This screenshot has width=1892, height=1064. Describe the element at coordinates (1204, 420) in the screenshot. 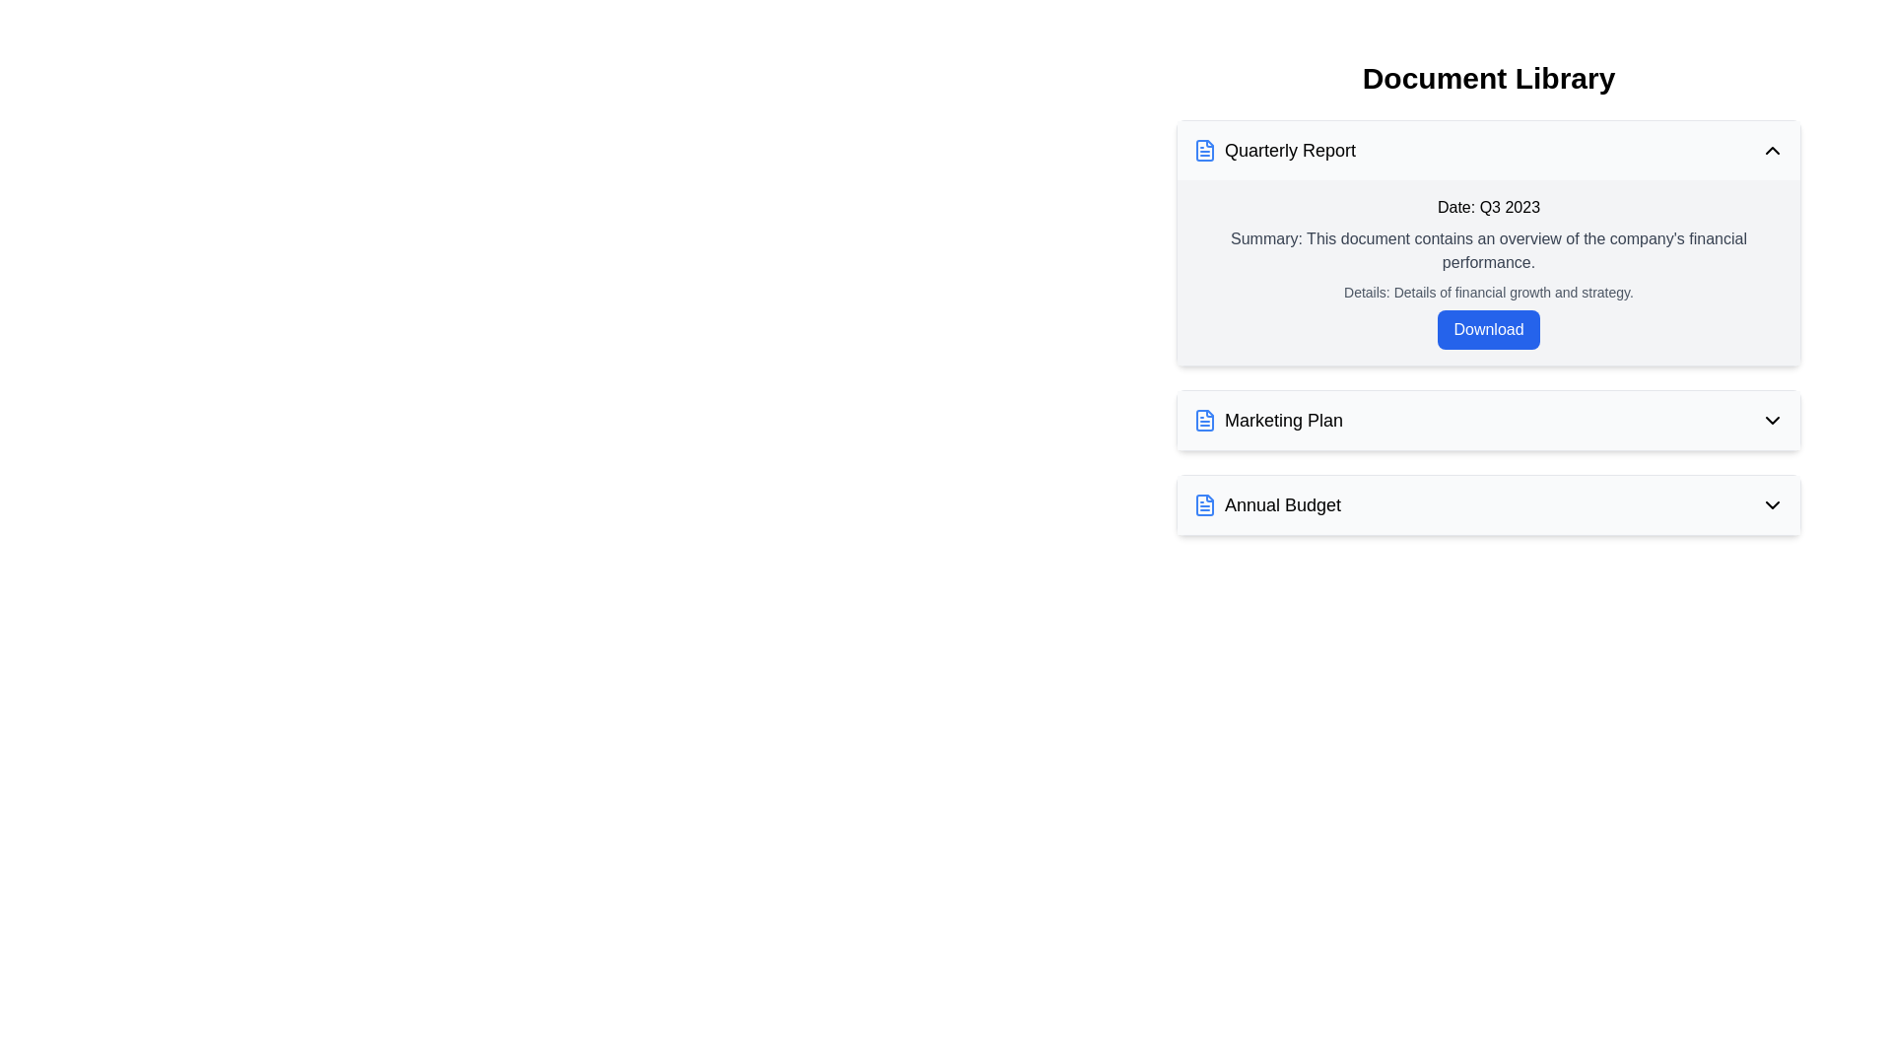

I see `the document icon located next to the 'Quarterly Report' text in the 'Document Library' interface, which visually represents a file` at that location.